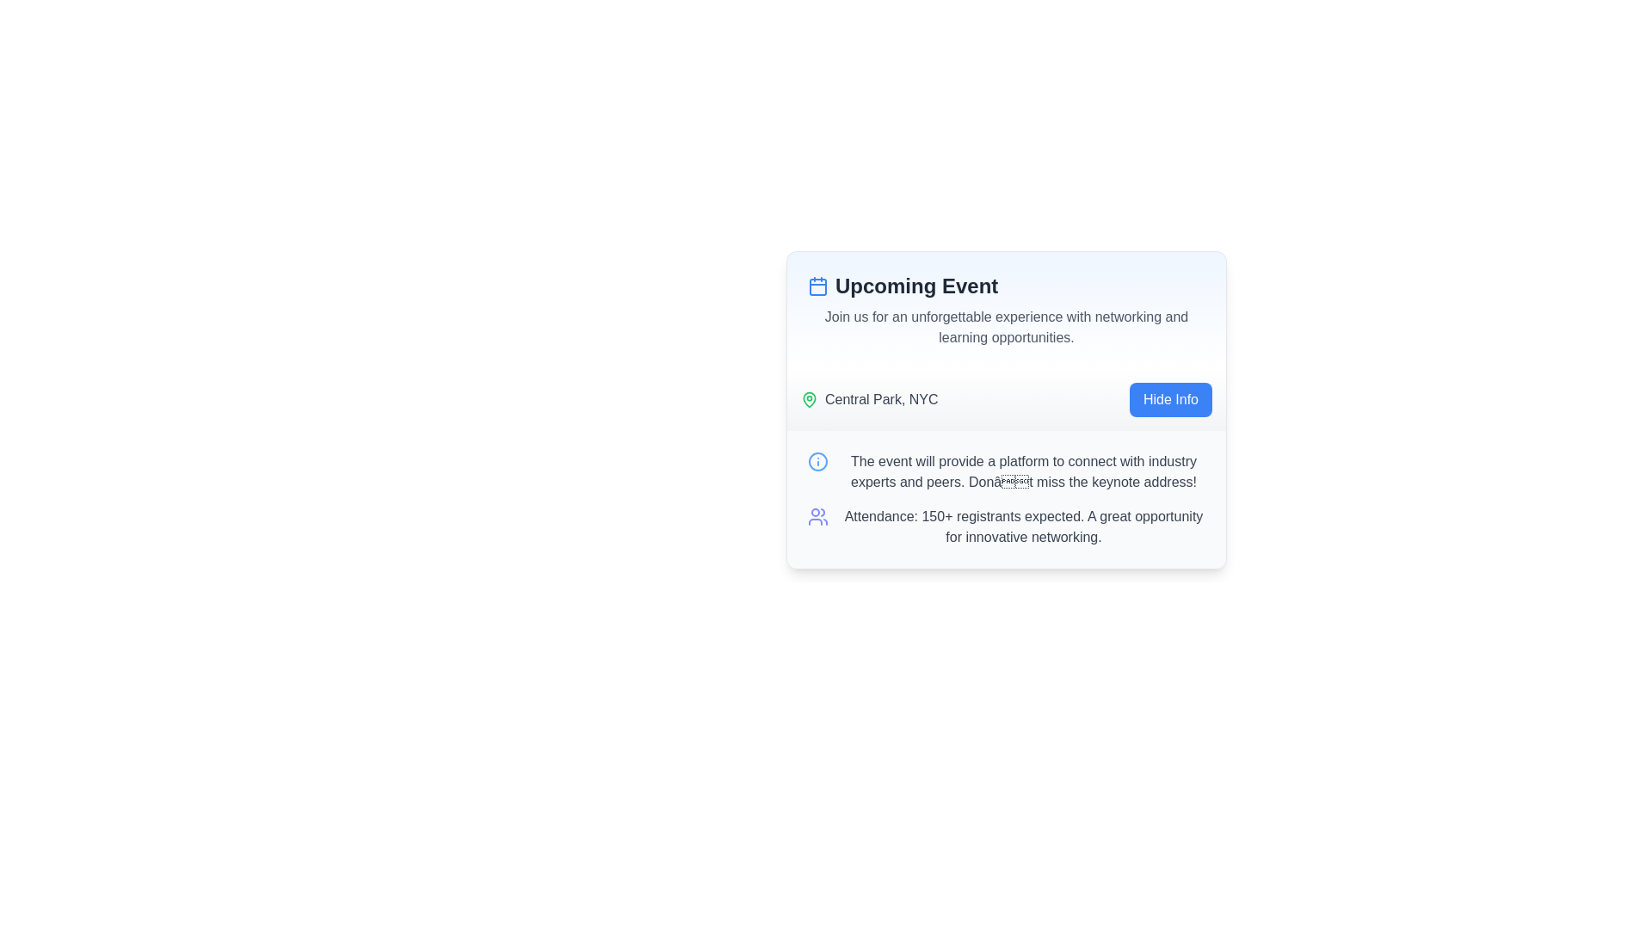  Describe the element at coordinates (1007, 471) in the screenshot. I see `informational text block that conveys details about the event, positioned in the highlighted card below the 'Central Park, NYC' location indicator and above the attendance statistics` at that location.